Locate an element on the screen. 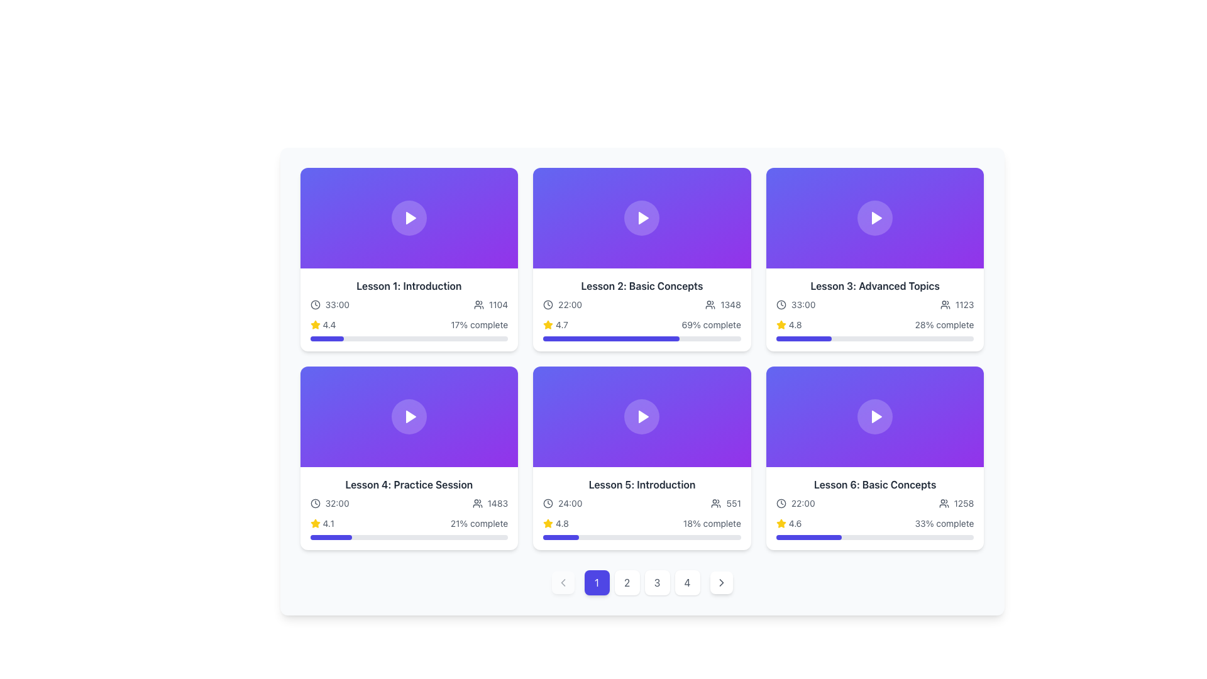  the rating icon indicating a quality level of '4.8' situated below the lesson tile labeled 'Lesson 5: Introduction' in the bottom-center of the third tile in the second row is located at coordinates (548, 524).